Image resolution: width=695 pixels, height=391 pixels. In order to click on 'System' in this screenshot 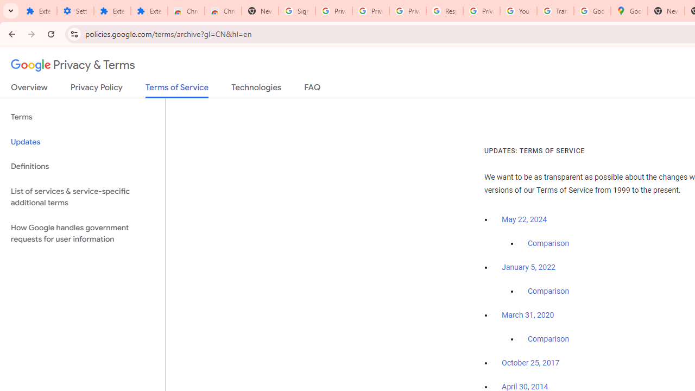, I will do `click(5, 6)`.